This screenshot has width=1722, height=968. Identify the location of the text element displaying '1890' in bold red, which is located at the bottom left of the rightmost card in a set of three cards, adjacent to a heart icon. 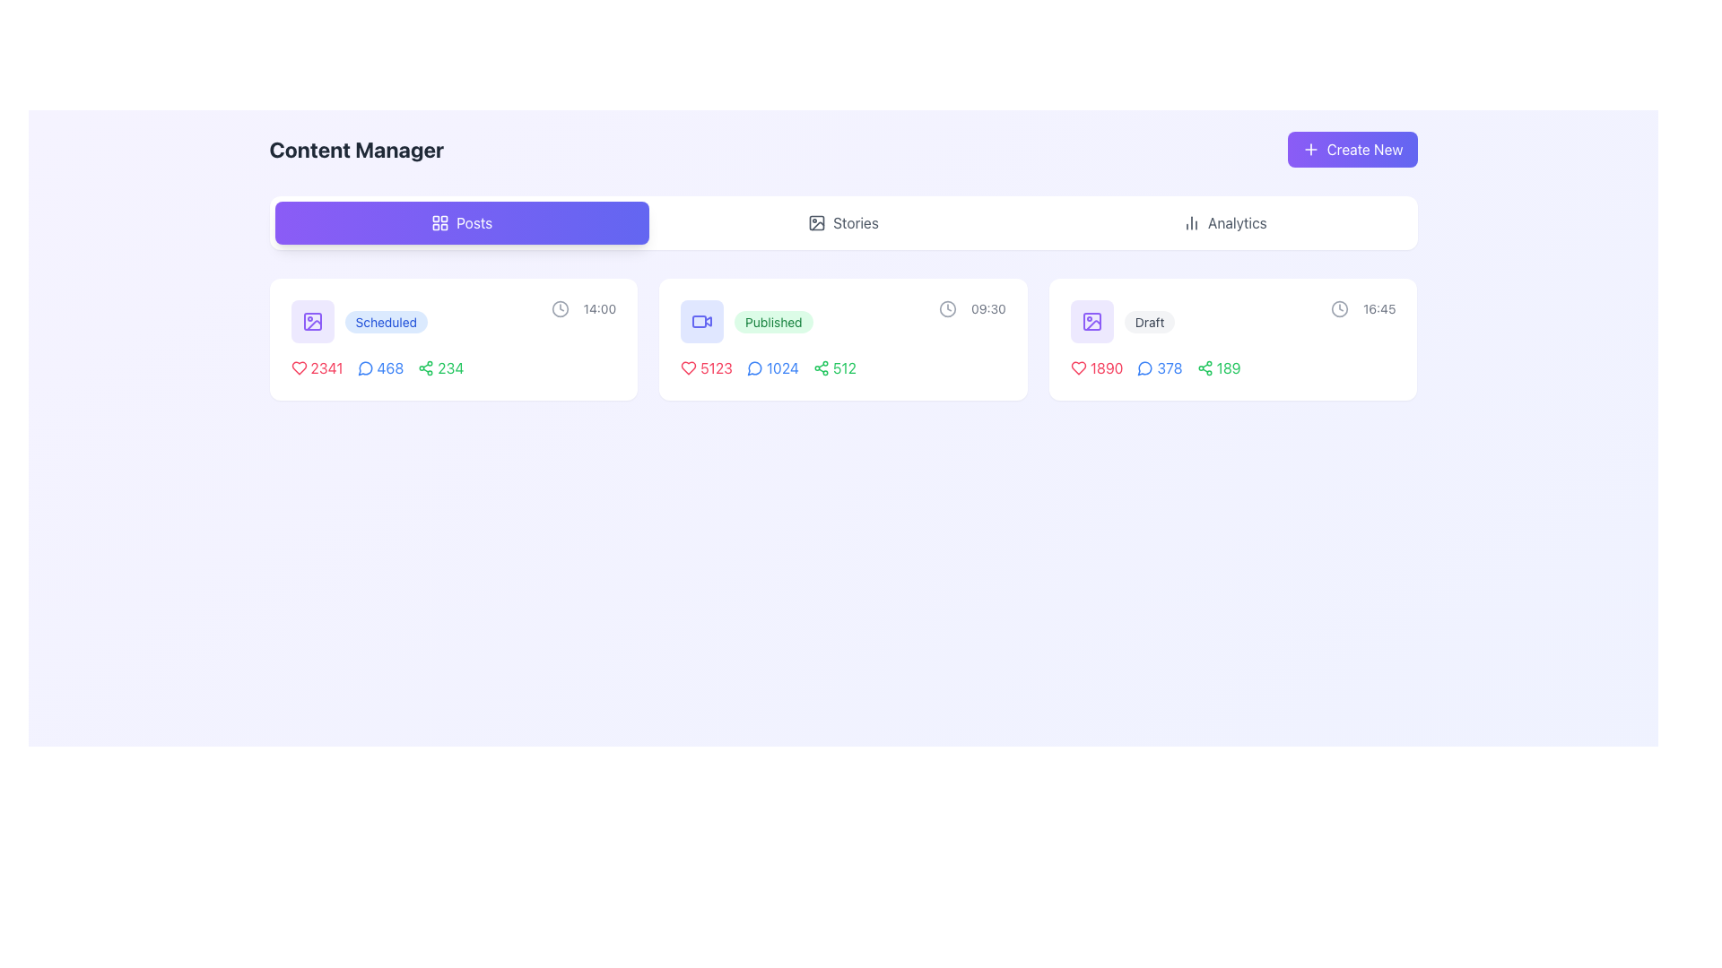
(1106, 367).